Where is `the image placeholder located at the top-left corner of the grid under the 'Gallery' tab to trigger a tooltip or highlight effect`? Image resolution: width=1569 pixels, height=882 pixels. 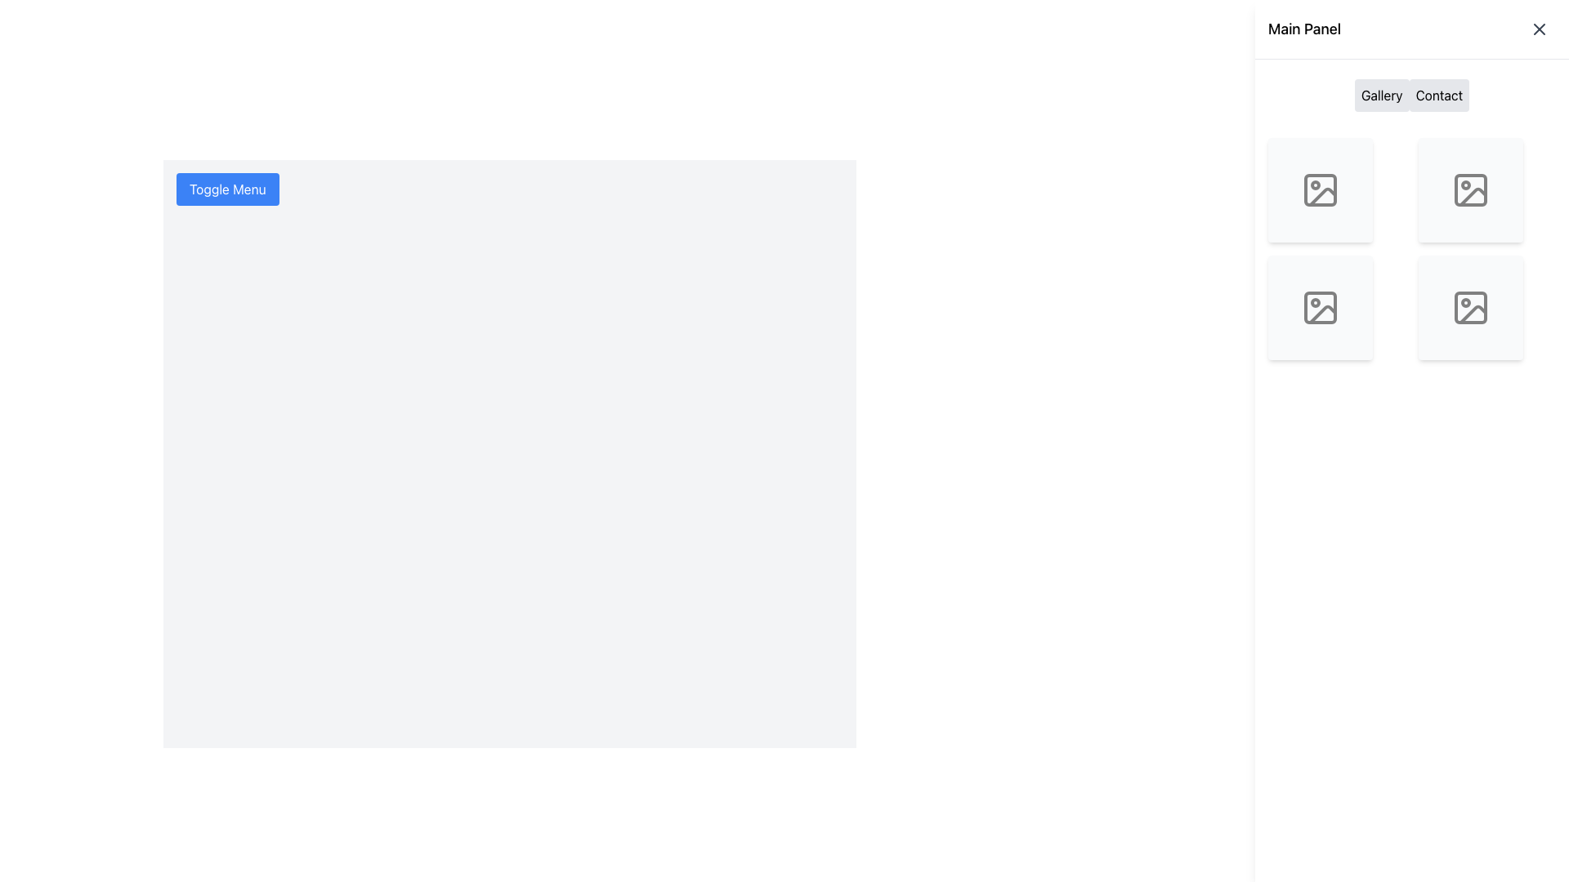
the image placeholder located at the top-left corner of the grid under the 'Gallery' tab to trigger a tooltip or highlight effect is located at coordinates (1321, 189).